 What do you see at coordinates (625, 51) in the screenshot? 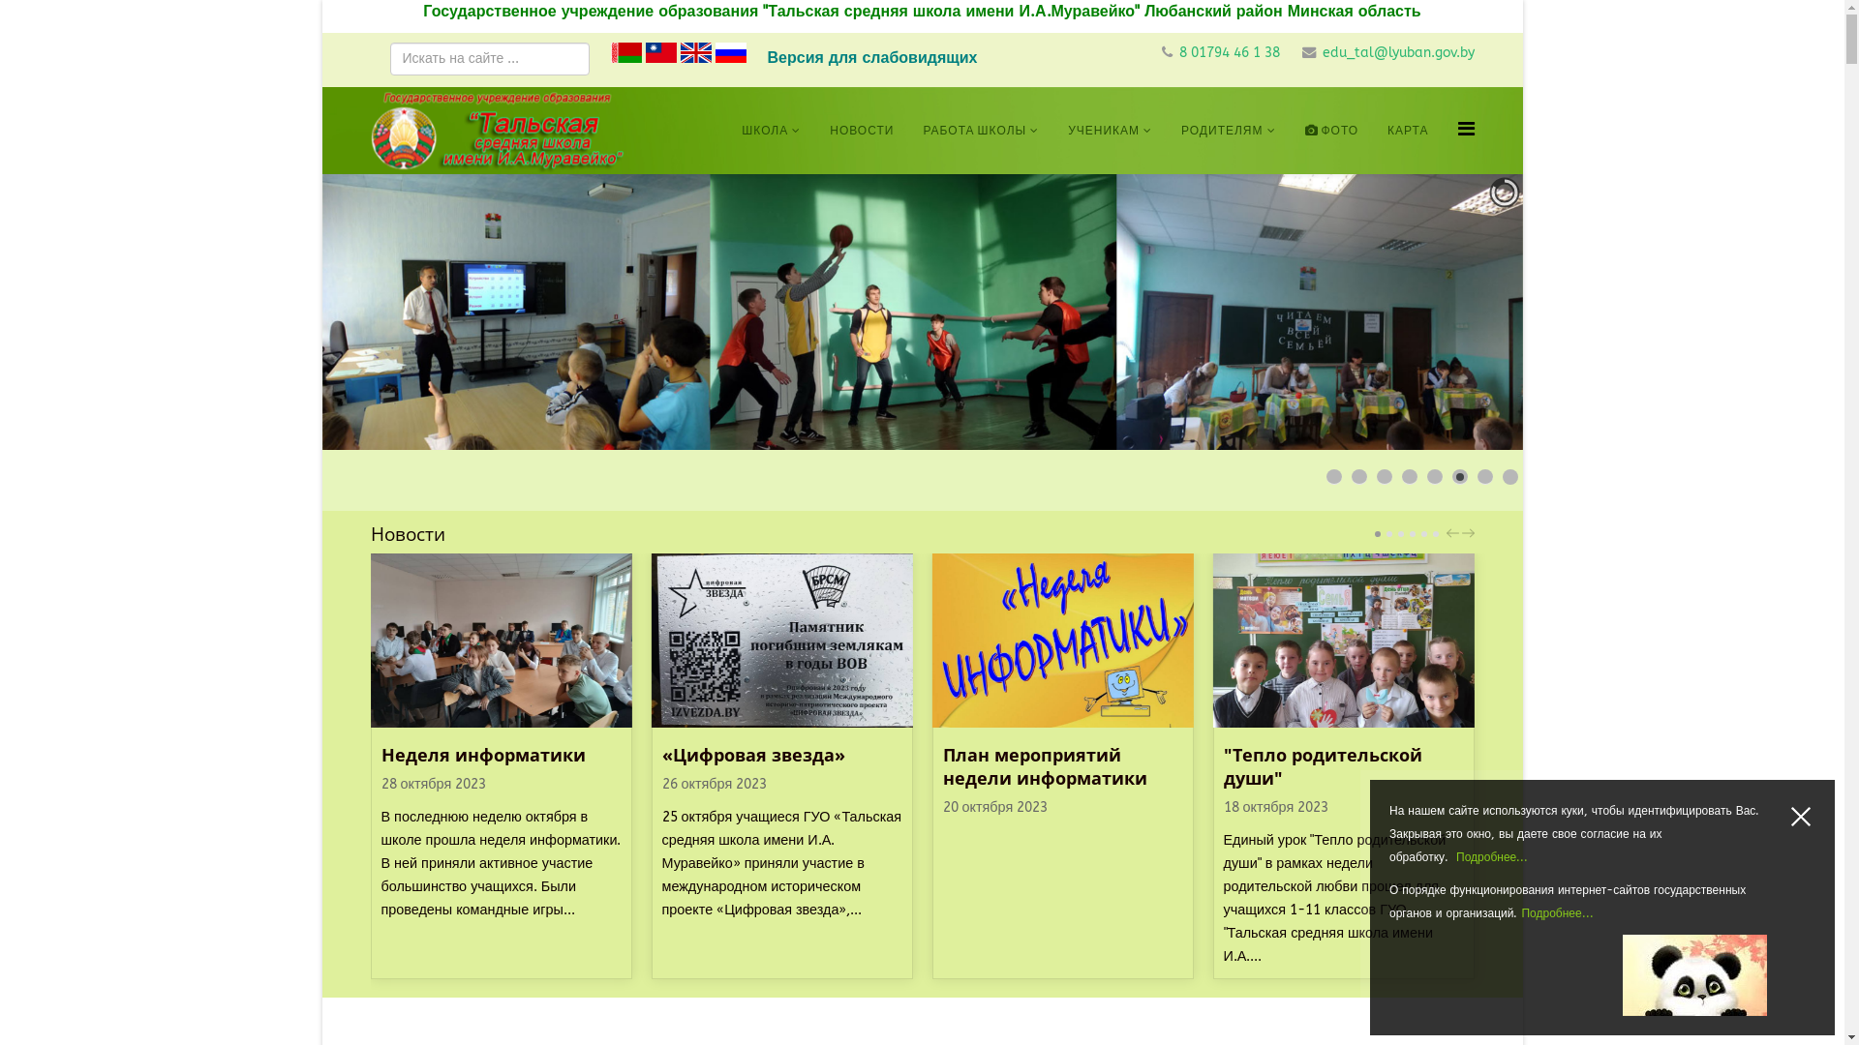
I see `'Belarusian'` at bounding box center [625, 51].